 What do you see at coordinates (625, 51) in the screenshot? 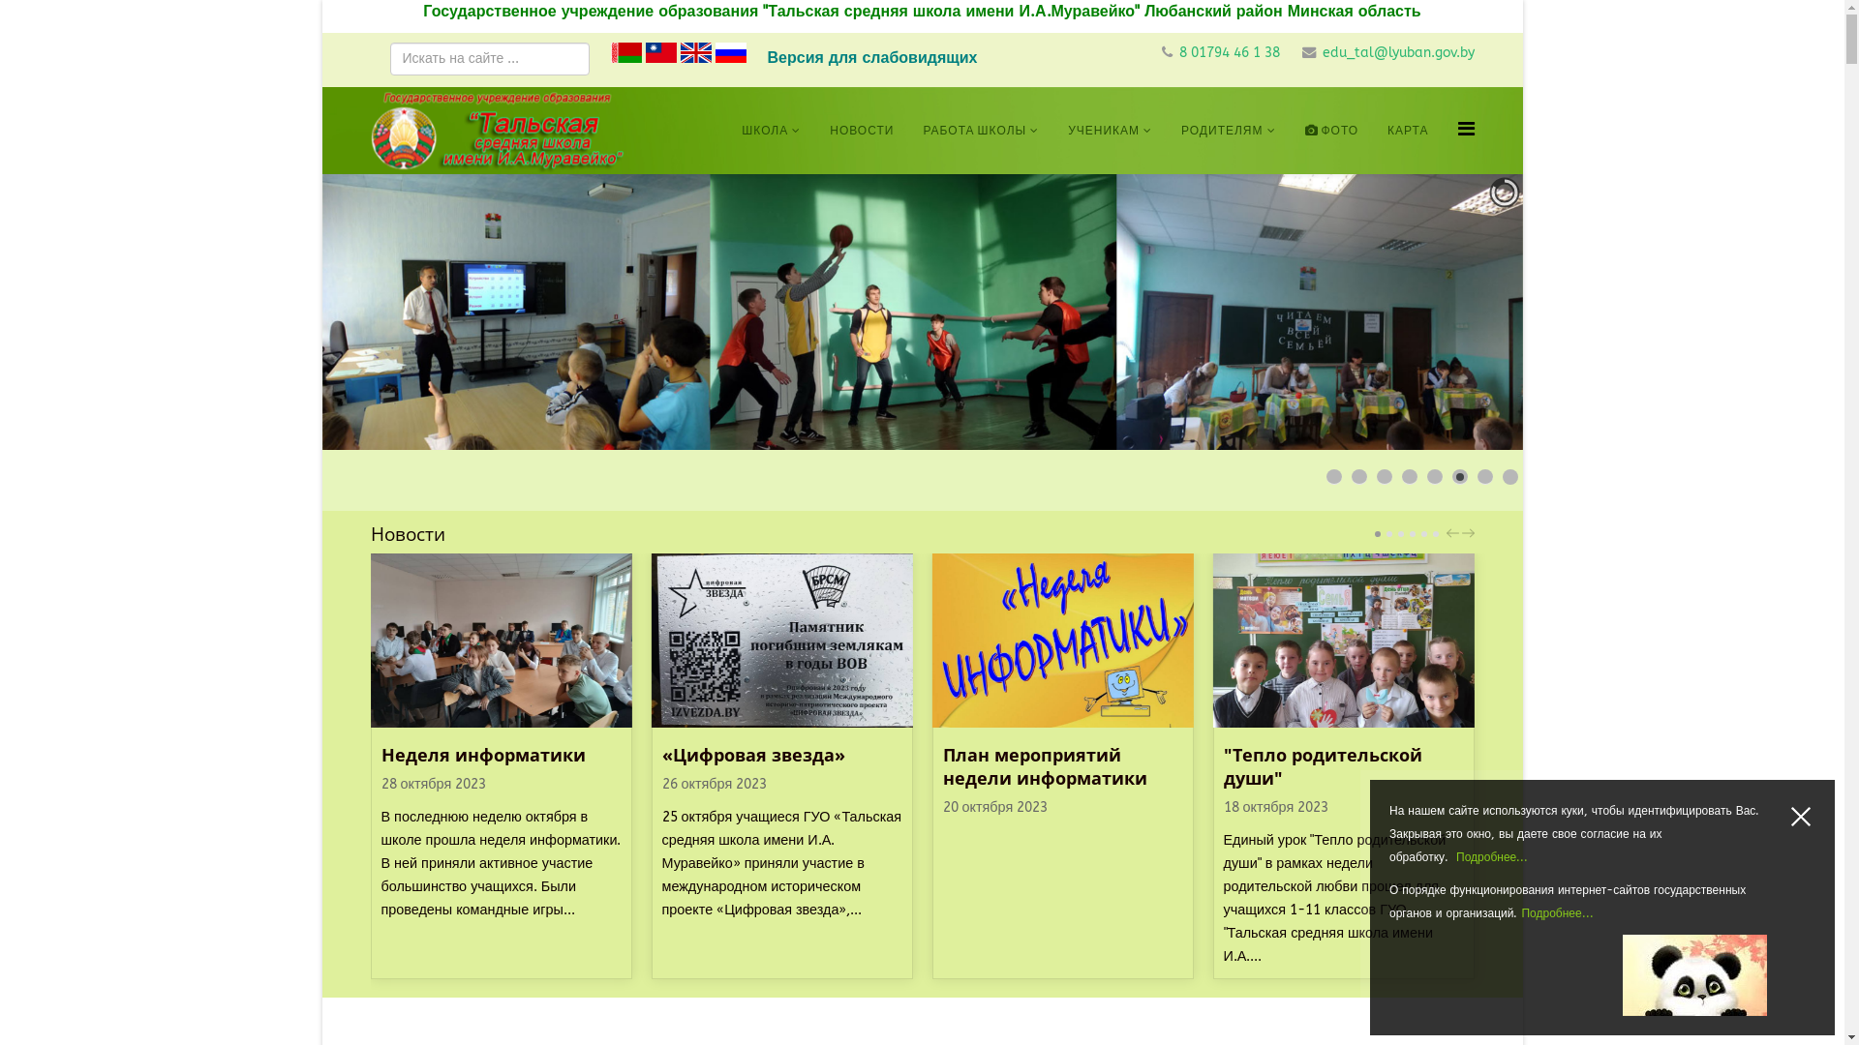
I see `'Belarusian'` at bounding box center [625, 51].